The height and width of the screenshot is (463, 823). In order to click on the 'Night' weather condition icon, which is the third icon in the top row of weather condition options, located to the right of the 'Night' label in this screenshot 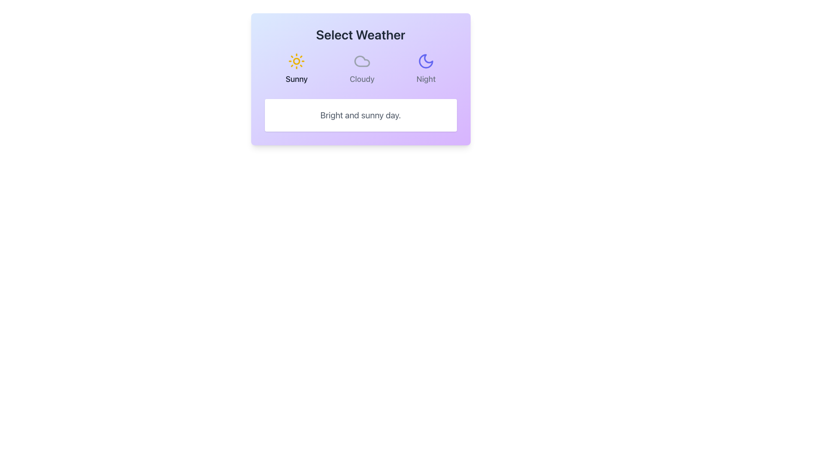, I will do `click(426, 60)`.